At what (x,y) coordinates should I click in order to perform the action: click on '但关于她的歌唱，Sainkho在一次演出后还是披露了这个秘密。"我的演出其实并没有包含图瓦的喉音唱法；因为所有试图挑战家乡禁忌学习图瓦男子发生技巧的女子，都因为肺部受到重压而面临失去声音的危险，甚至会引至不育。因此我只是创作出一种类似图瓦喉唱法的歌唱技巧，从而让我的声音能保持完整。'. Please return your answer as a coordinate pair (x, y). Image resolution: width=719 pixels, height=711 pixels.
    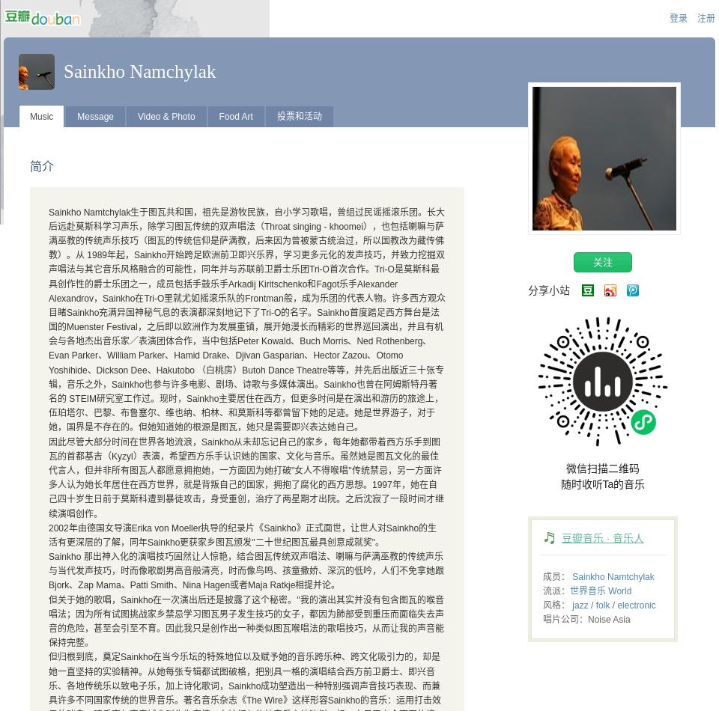
    Looking at the image, I should click on (246, 620).